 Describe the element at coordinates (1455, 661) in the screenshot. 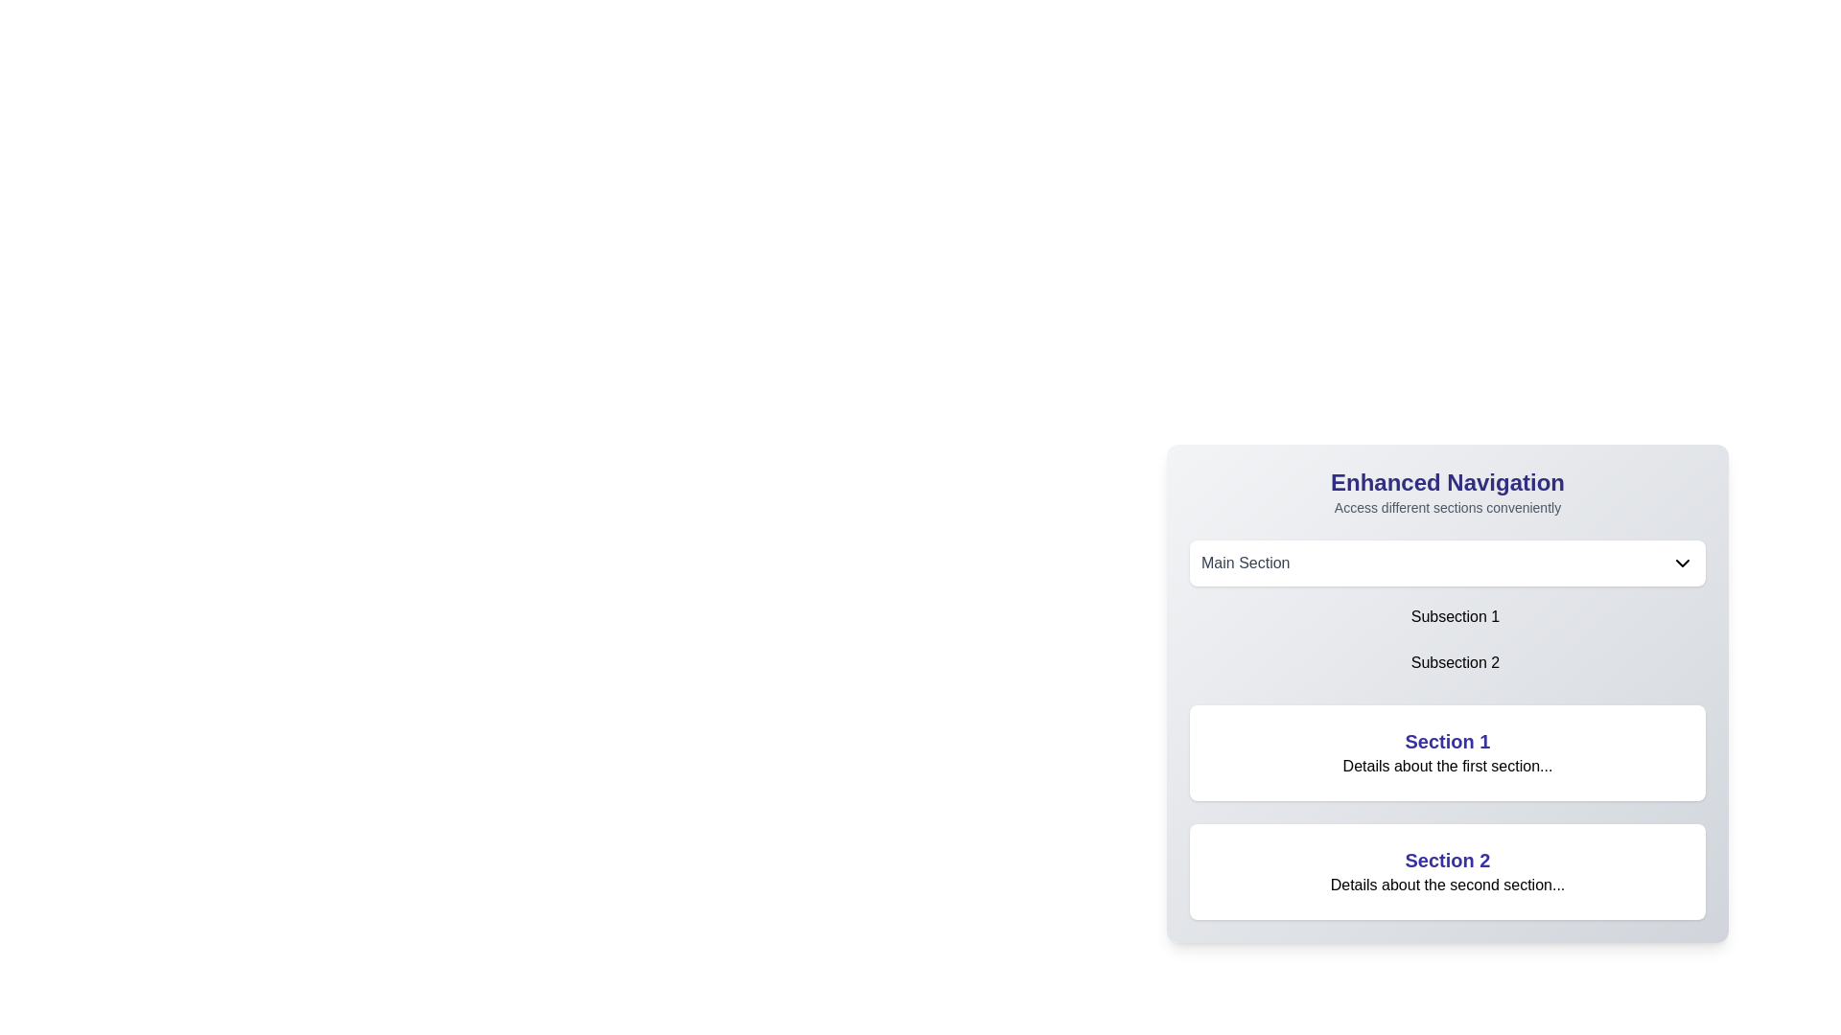

I see `the subsection link/button for 'Subsection 2' located directly below 'Subsection 1'` at that location.